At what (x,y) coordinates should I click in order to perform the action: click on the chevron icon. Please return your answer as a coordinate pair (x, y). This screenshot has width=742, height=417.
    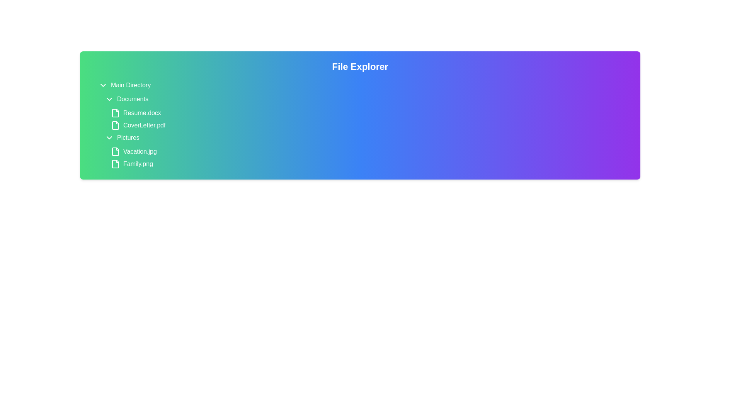
    Looking at the image, I should click on (103, 85).